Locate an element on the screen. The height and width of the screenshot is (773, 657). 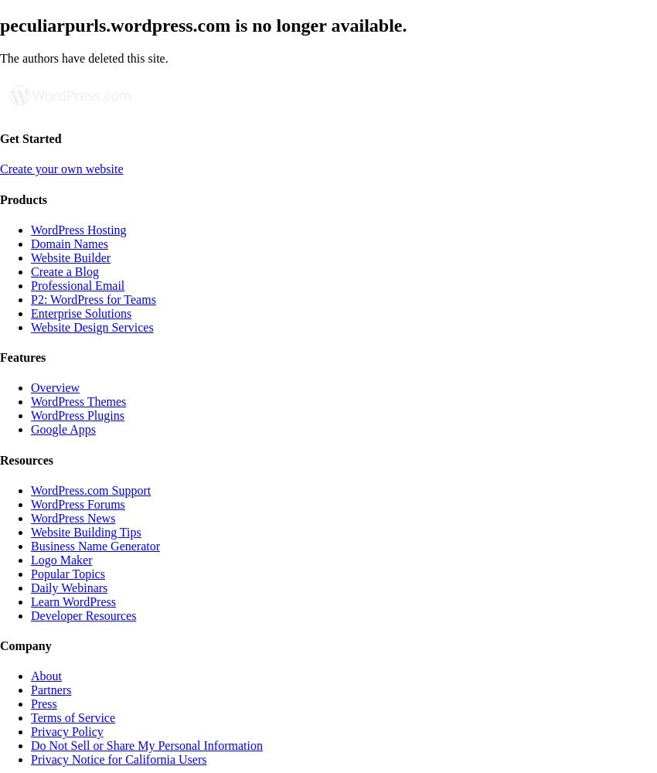
'Terms of Service' is located at coordinates (72, 717).